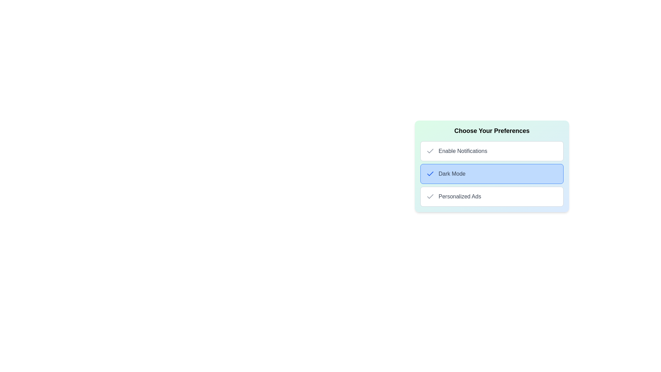  Describe the element at coordinates (492, 151) in the screenshot. I see `the first selectable preference item for enabling notifications` at that location.